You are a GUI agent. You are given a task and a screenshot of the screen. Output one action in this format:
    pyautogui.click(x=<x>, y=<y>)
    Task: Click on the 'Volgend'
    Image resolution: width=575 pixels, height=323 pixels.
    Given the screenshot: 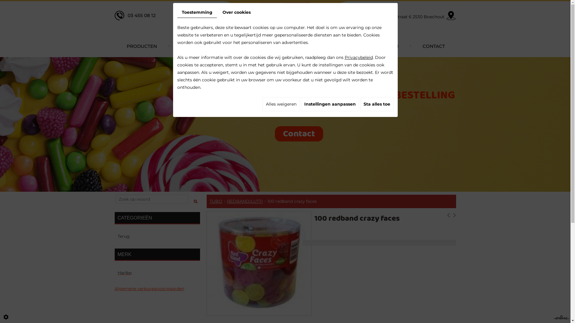 What is the action you would take?
    pyautogui.click(x=454, y=216)
    